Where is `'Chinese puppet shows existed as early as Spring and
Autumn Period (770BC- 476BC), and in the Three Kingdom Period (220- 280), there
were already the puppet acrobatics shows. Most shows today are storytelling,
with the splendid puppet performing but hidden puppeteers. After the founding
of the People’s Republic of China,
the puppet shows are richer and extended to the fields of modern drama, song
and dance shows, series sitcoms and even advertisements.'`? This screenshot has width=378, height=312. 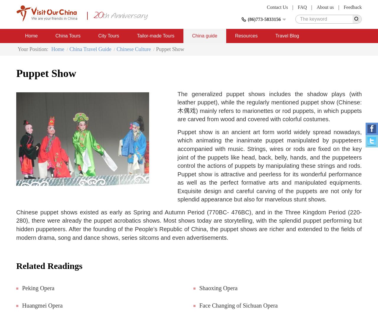
'Chinese puppet shows existed as early as Spring and
Autumn Period (770BC- 476BC), and in the Three Kingdom Period (220- 280), there
were already the puppet acrobatics shows. Most shows today are storytelling,
with the splendid puppet performing but hidden puppeteers. After the founding
of the People’s Republic of China,
the puppet shows are richer and extended to the fields of modern drama, song
and dance shows, series sitcoms and even advertisements.' is located at coordinates (189, 224).